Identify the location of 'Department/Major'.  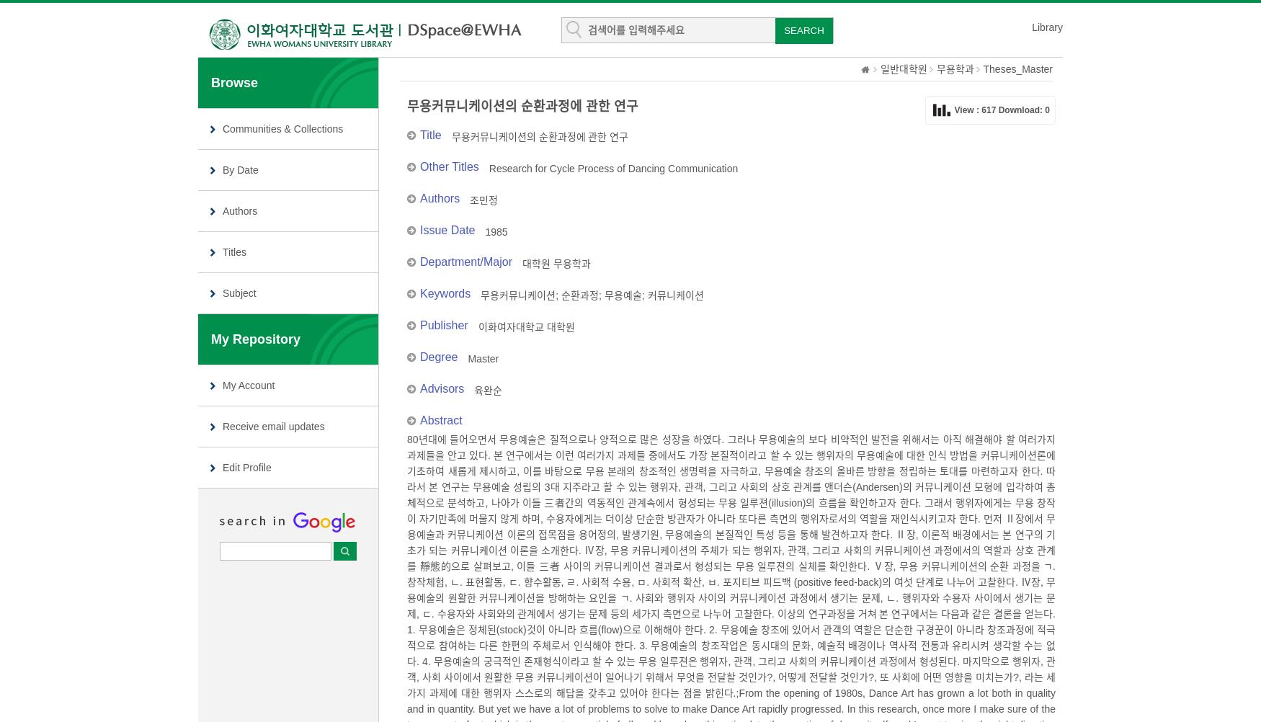
(465, 262).